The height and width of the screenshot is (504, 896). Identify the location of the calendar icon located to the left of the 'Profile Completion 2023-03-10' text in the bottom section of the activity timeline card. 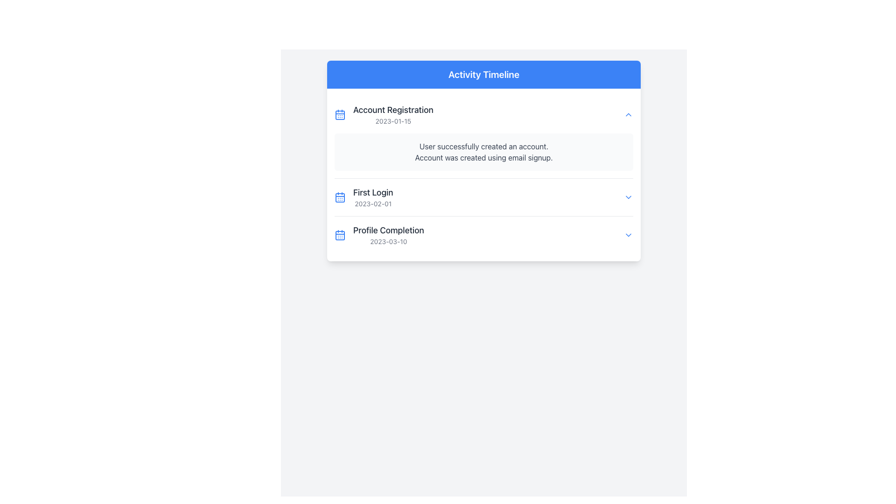
(340, 235).